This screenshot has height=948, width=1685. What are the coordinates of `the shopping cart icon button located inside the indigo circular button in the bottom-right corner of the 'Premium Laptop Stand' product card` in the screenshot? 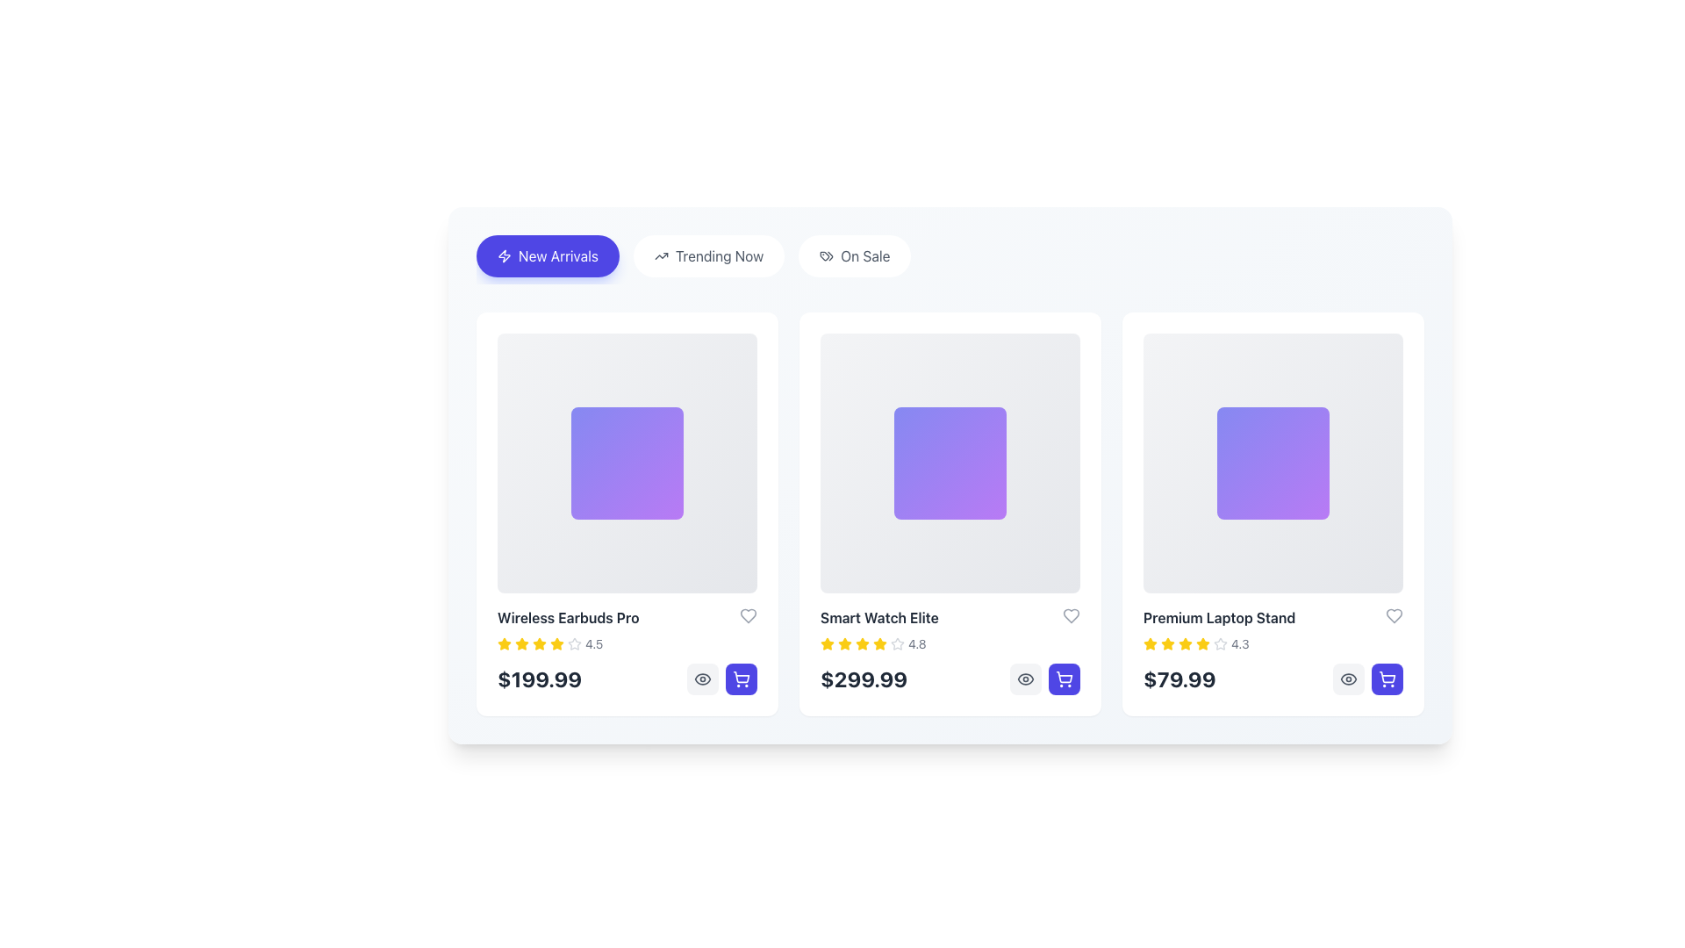 It's located at (1064, 679).